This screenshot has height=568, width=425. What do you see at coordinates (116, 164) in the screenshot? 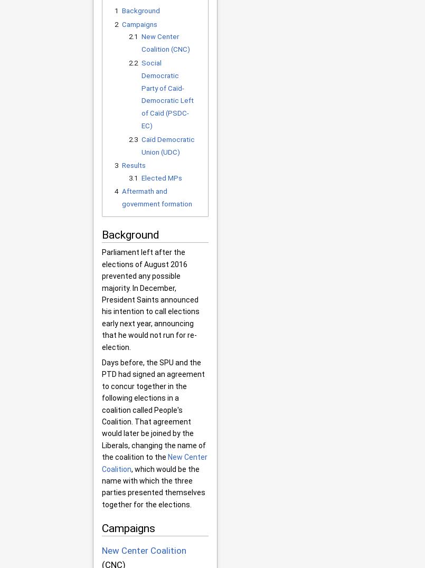
I see `'3'` at bounding box center [116, 164].